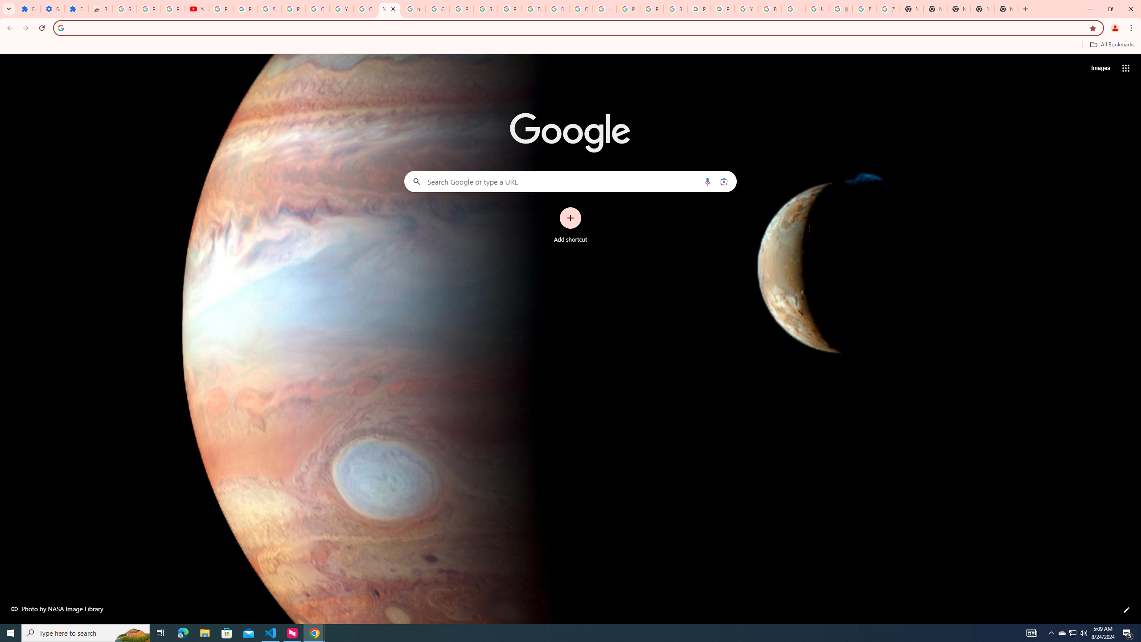  Describe the element at coordinates (570, 181) in the screenshot. I see `'Search Google or type a URL'` at that location.